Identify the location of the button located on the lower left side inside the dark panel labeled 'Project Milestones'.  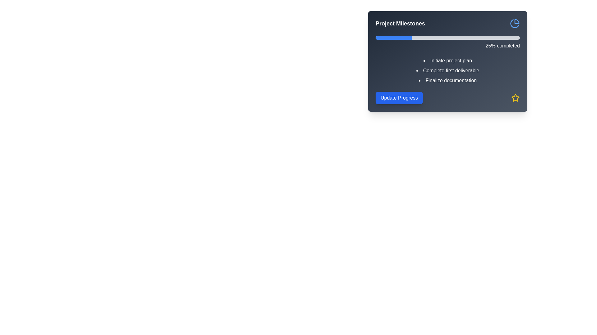
(399, 98).